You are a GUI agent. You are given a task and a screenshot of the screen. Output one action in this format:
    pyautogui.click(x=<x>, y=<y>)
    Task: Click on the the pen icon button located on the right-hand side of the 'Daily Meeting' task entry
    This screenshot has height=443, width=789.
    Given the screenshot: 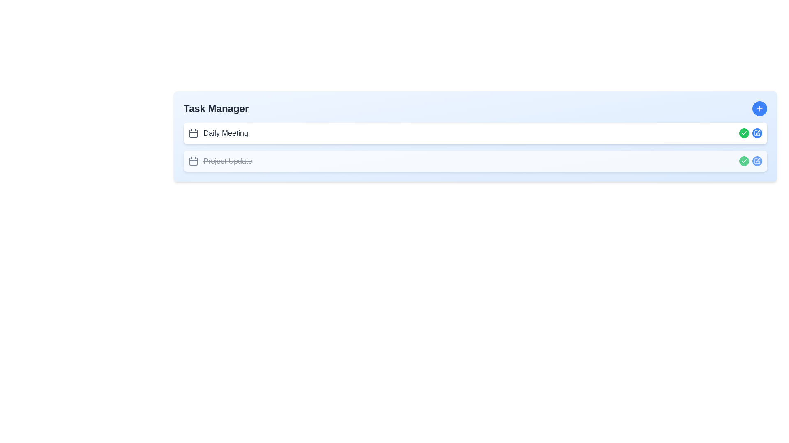 What is the action you would take?
    pyautogui.click(x=757, y=132)
    